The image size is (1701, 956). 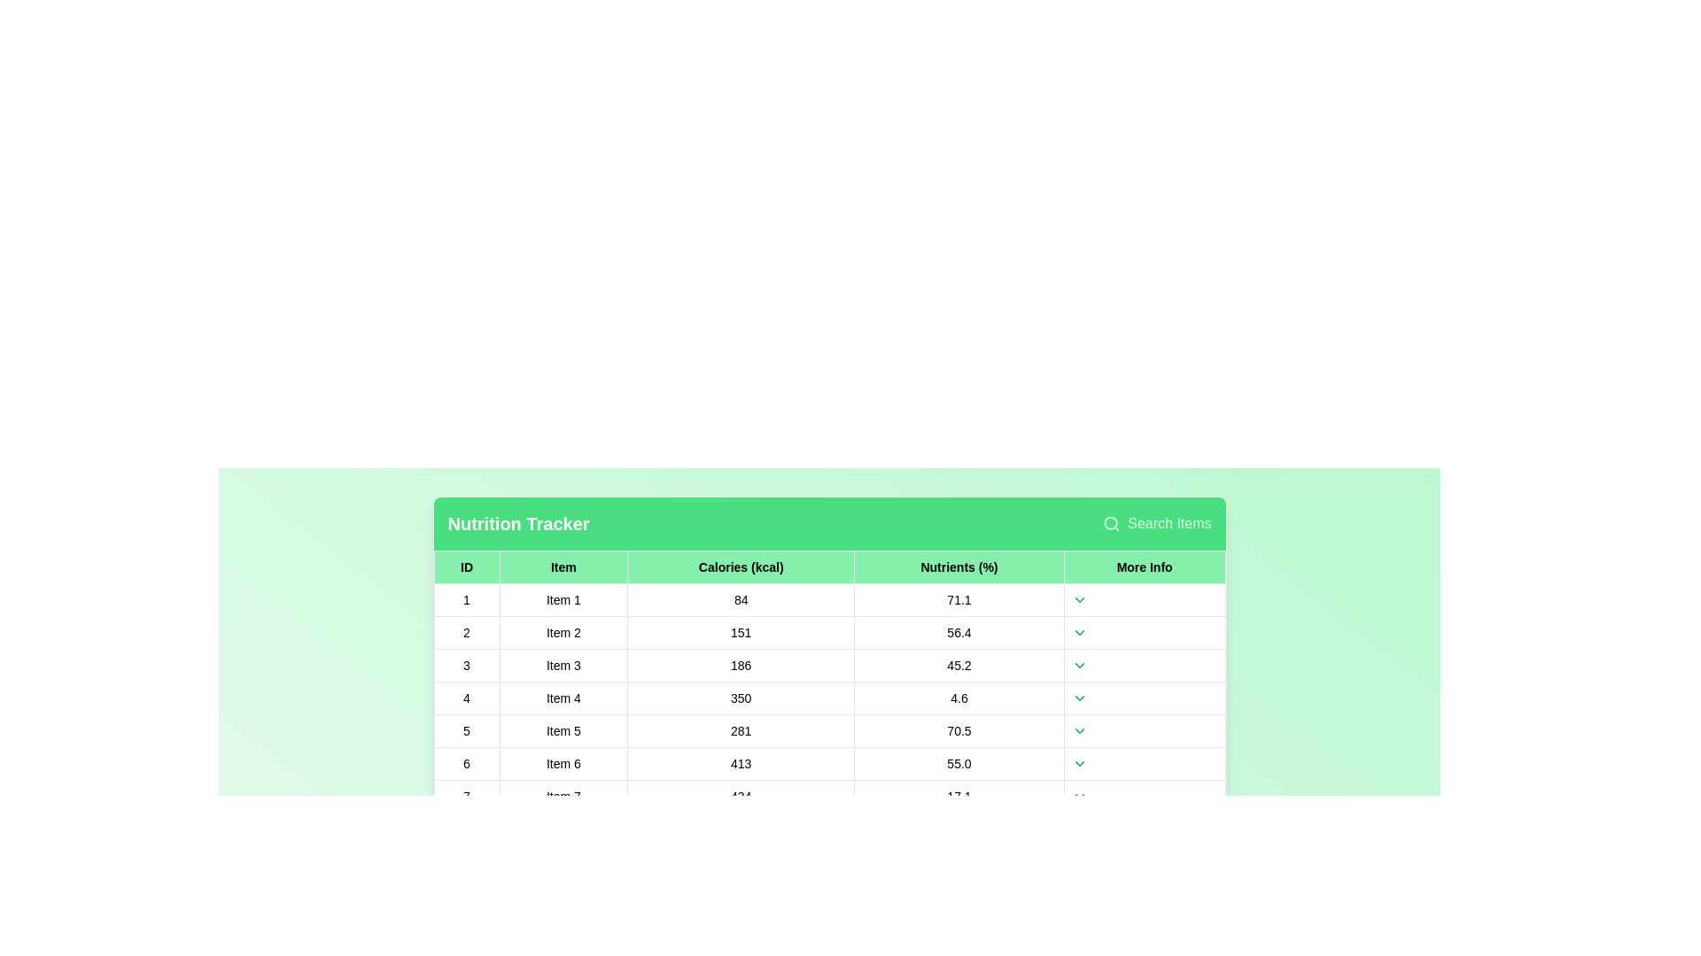 I want to click on the search button to activate the search functionality, so click(x=1156, y=522).